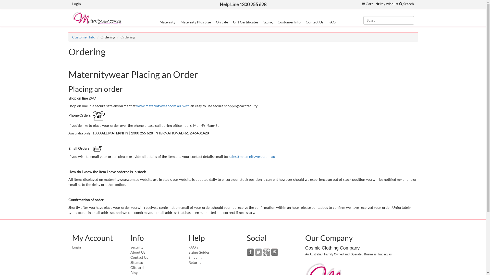 This screenshot has height=275, width=490. What do you see at coordinates (138, 267) in the screenshot?
I see `'Giftcards'` at bounding box center [138, 267].